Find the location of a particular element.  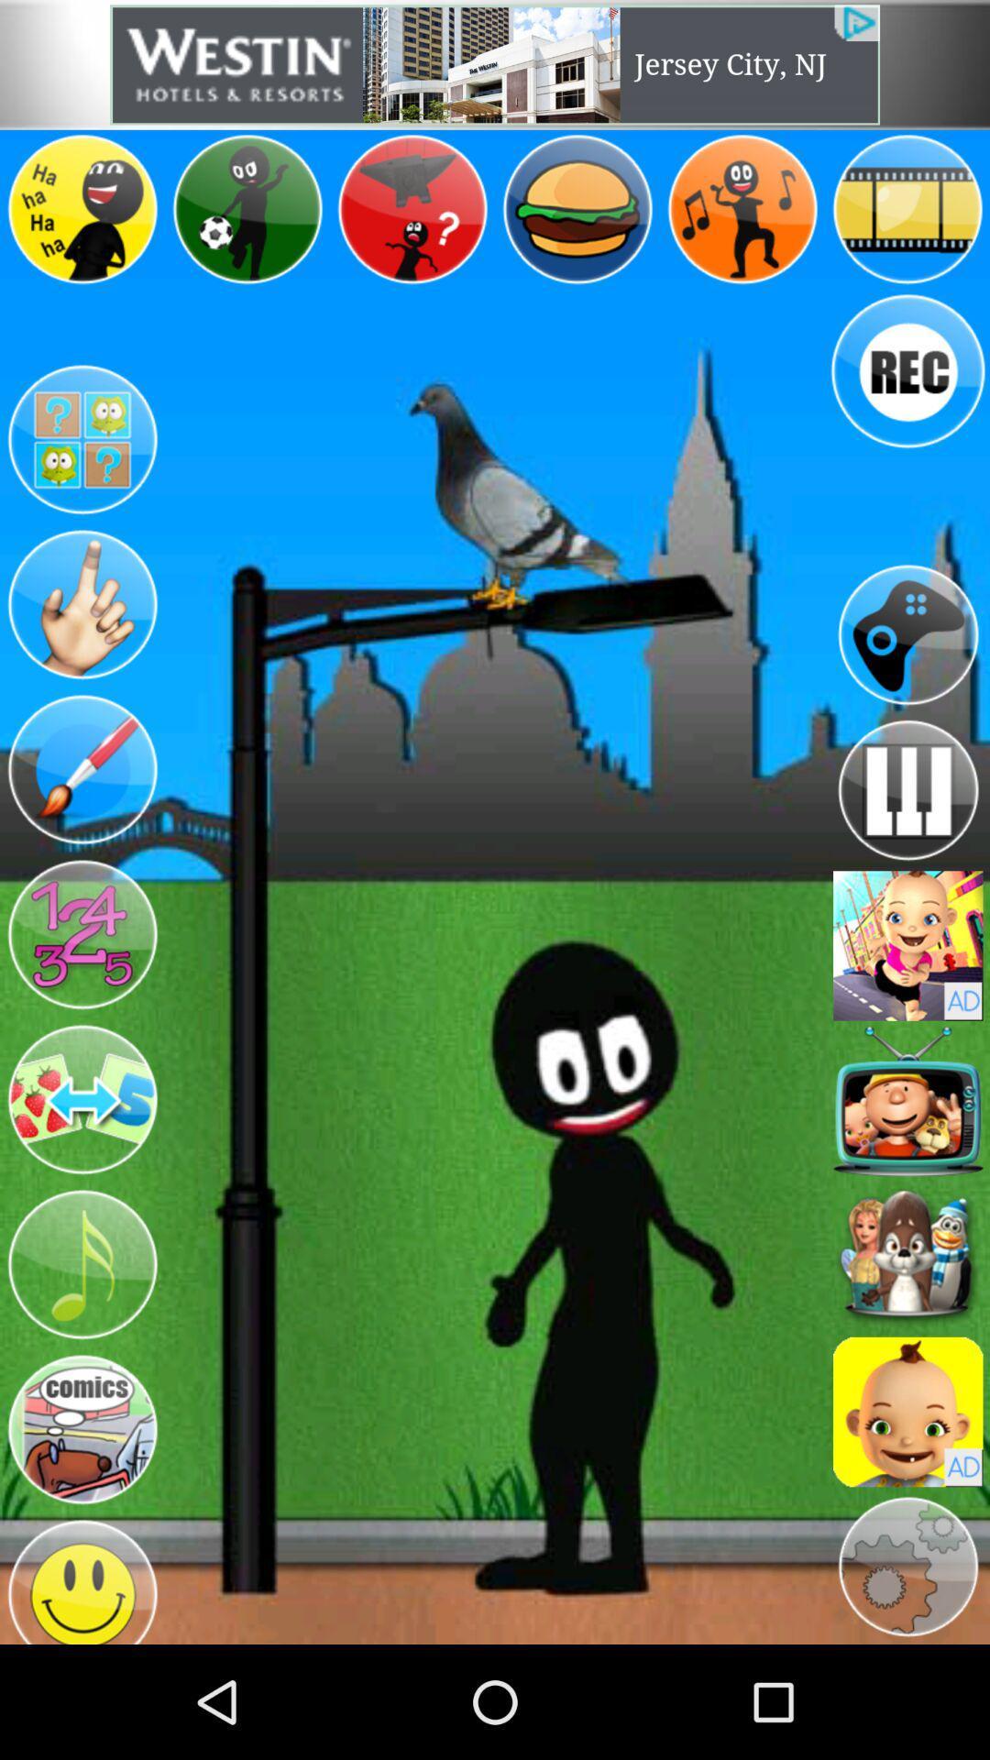

game is located at coordinates (907, 946).